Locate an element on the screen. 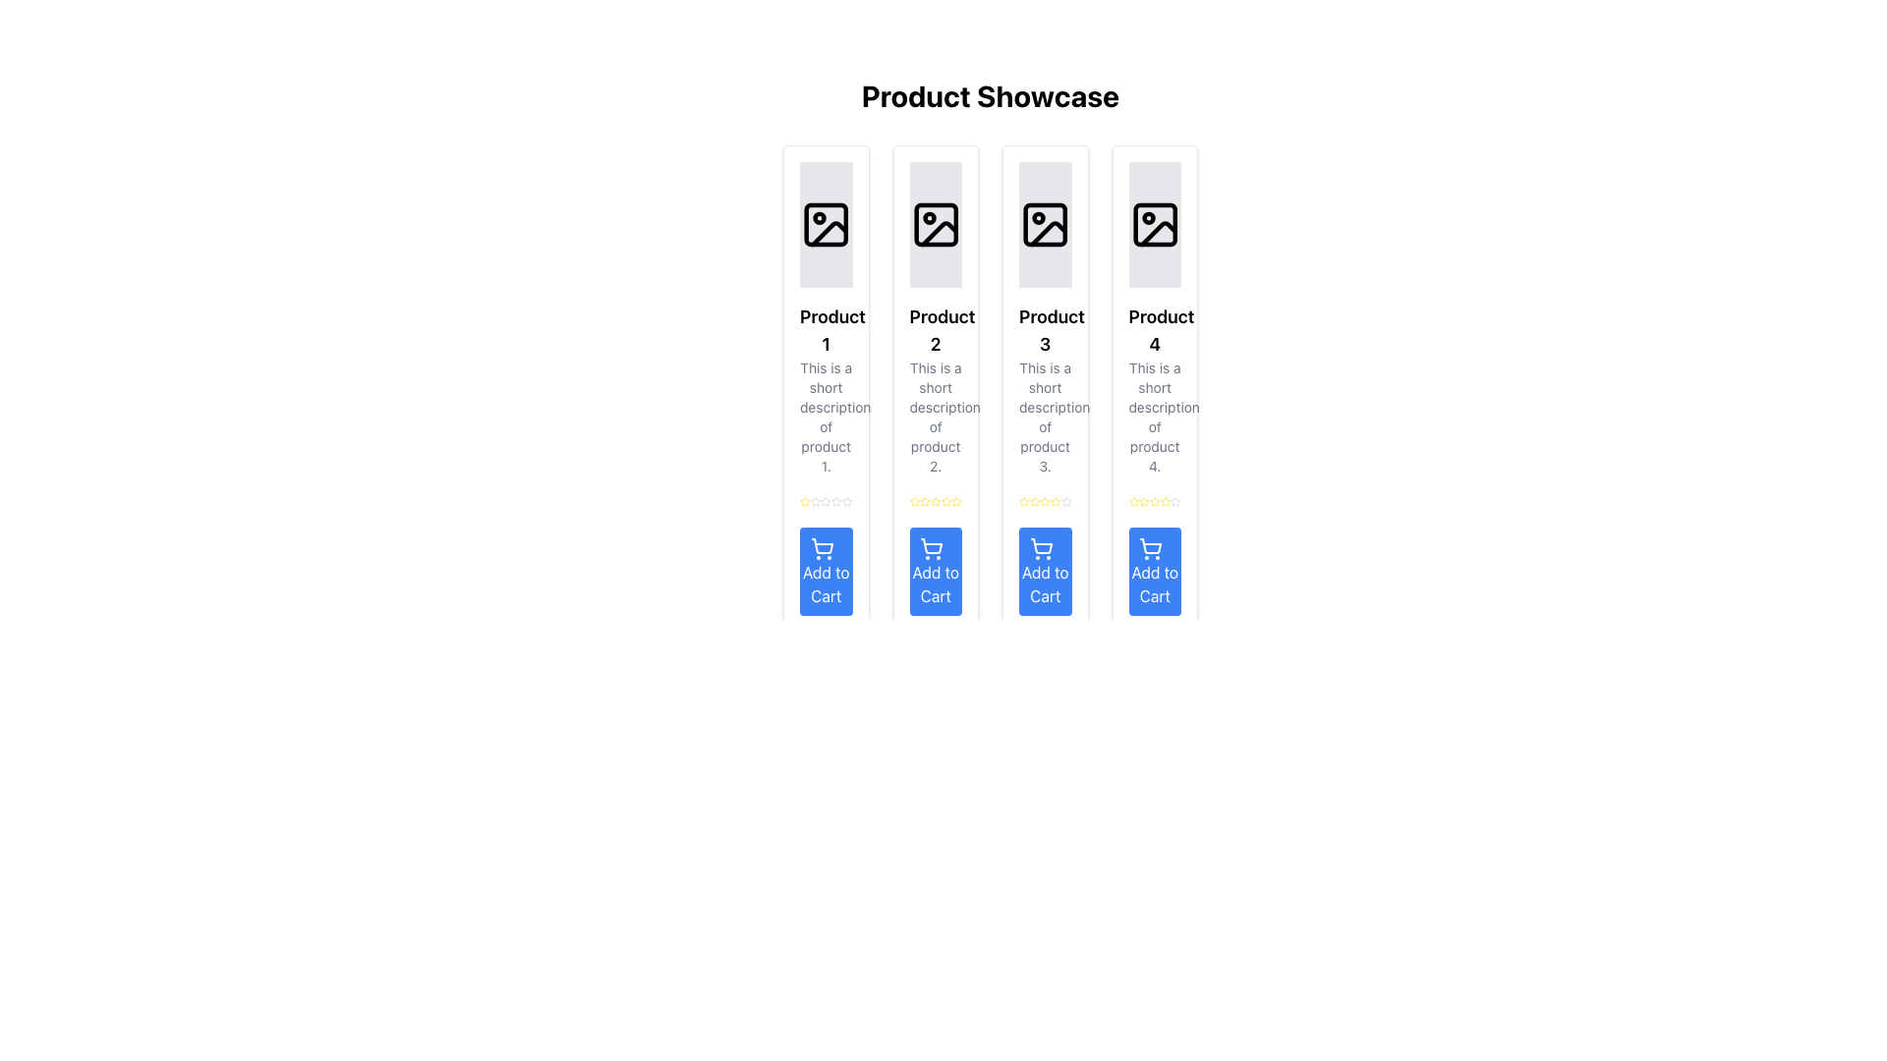 The height and width of the screenshot is (1061, 1887). the third gray-colored star icon in the rating system below the 'Product 1' description is located at coordinates (816, 500).